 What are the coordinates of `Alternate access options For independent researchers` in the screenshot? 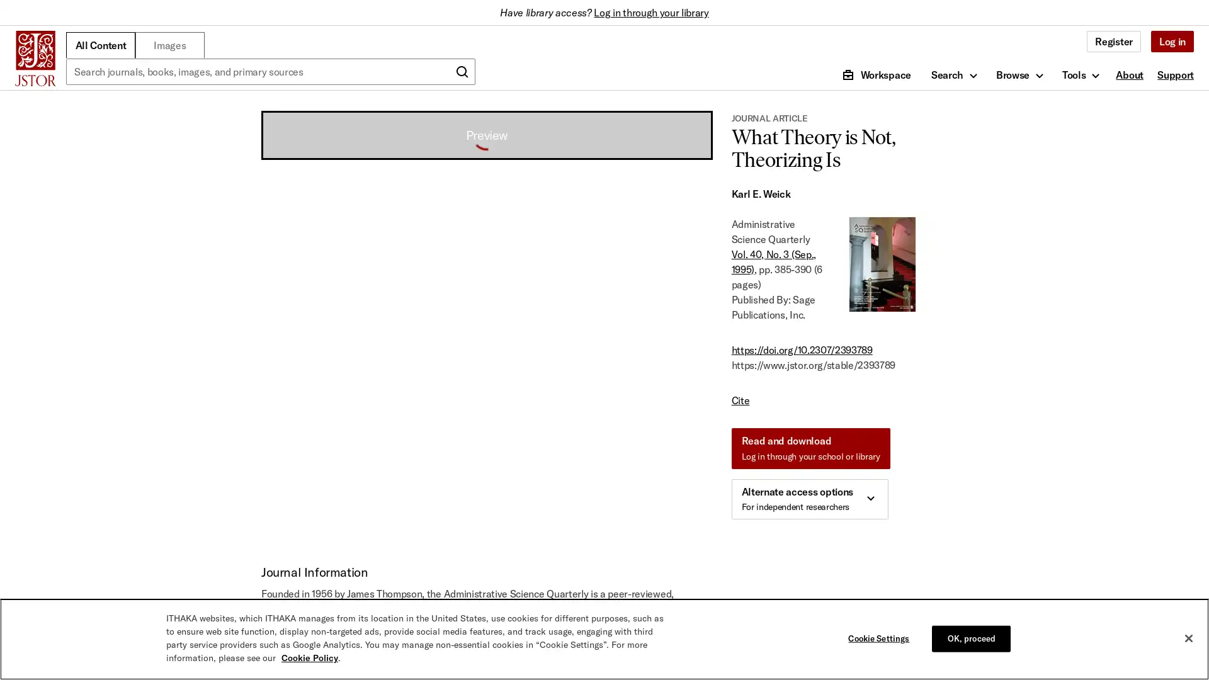 It's located at (809, 499).